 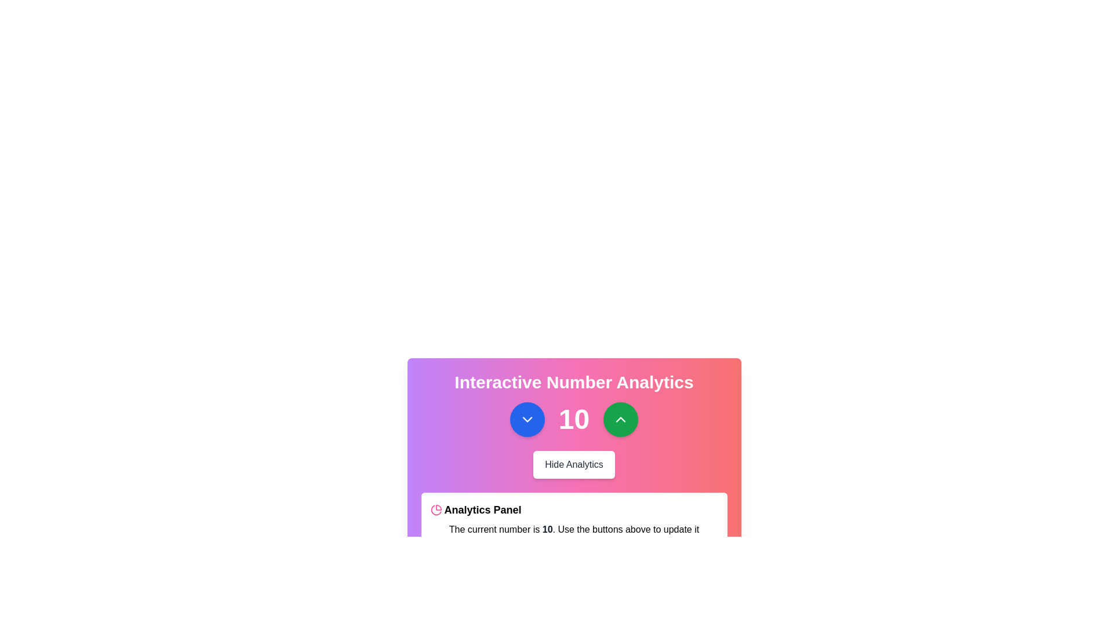 I want to click on the green circular button containing the upward-pointing chevron icon used for increasing a numerical value by navigating with the keyboard, so click(x=620, y=420).